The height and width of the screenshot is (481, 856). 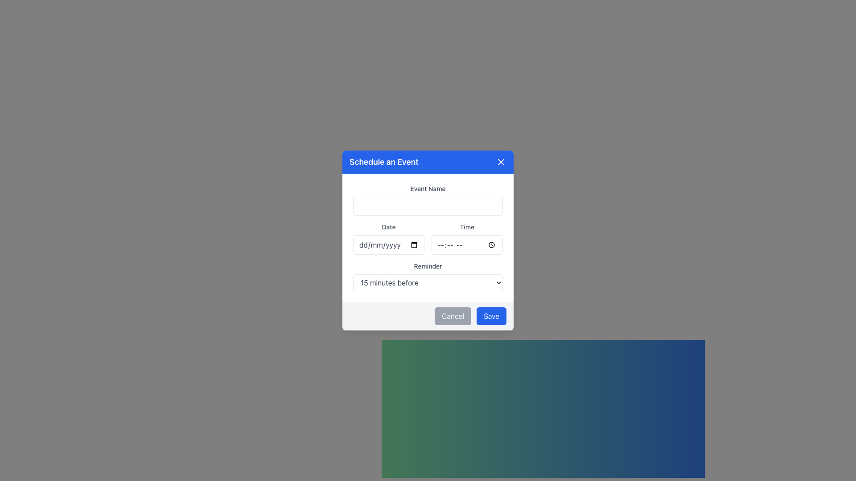 What do you see at coordinates (501, 162) in the screenshot?
I see `the small 'X' icon button with a white color on a blue background located in the top-right corner of the 'Schedule an Event' title bar` at bounding box center [501, 162].